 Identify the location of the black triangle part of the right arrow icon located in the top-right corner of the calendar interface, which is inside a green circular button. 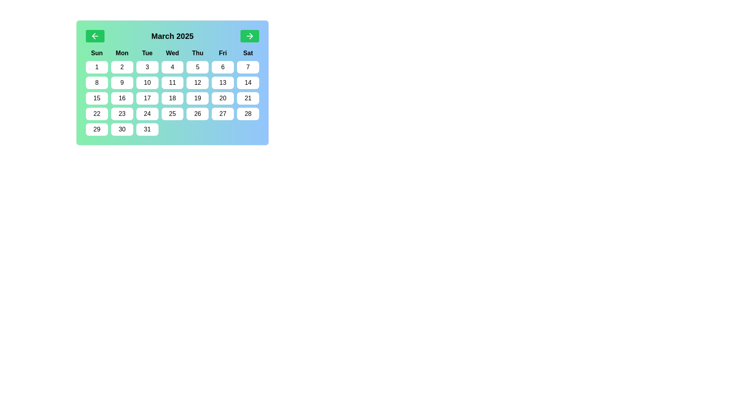
(251, 36).